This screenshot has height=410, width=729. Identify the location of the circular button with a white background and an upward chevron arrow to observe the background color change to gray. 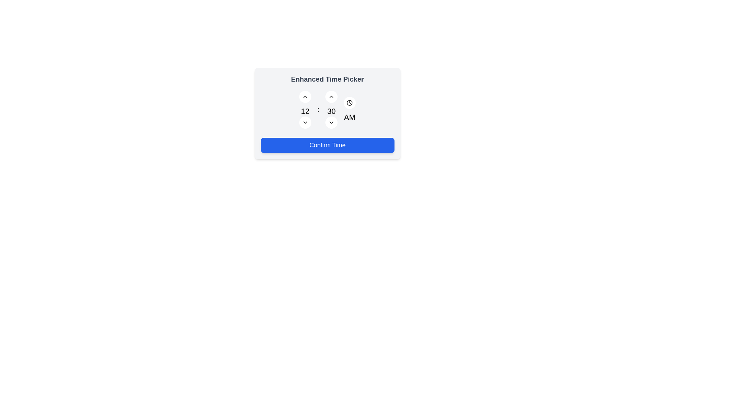
(331, 96).